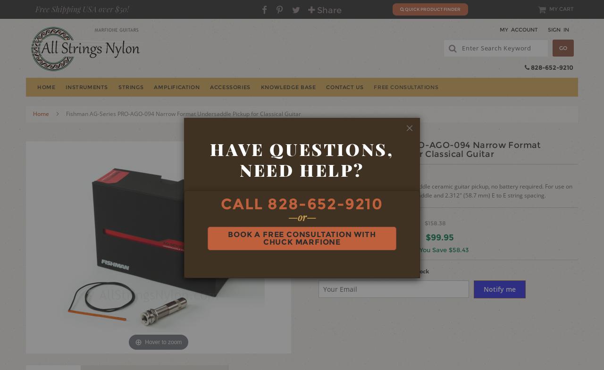  What do you see at coordinates (235, 135) in the screenshot?
I see `'Tenor Uke'` at bounding box center [235, 135].